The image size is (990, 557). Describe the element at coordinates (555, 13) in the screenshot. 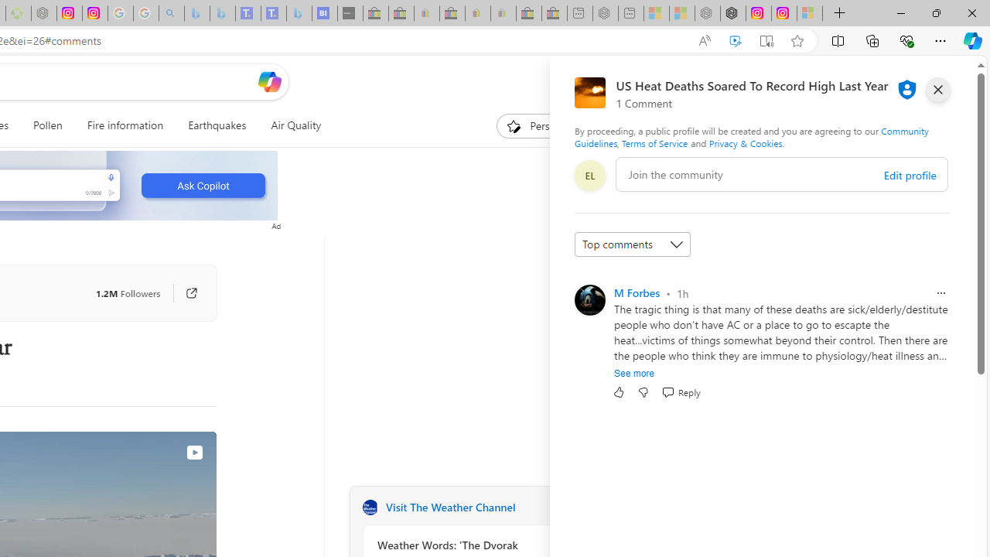

I see `'Yard, Garden & Outdoor Living - Sleeping'` at that location.